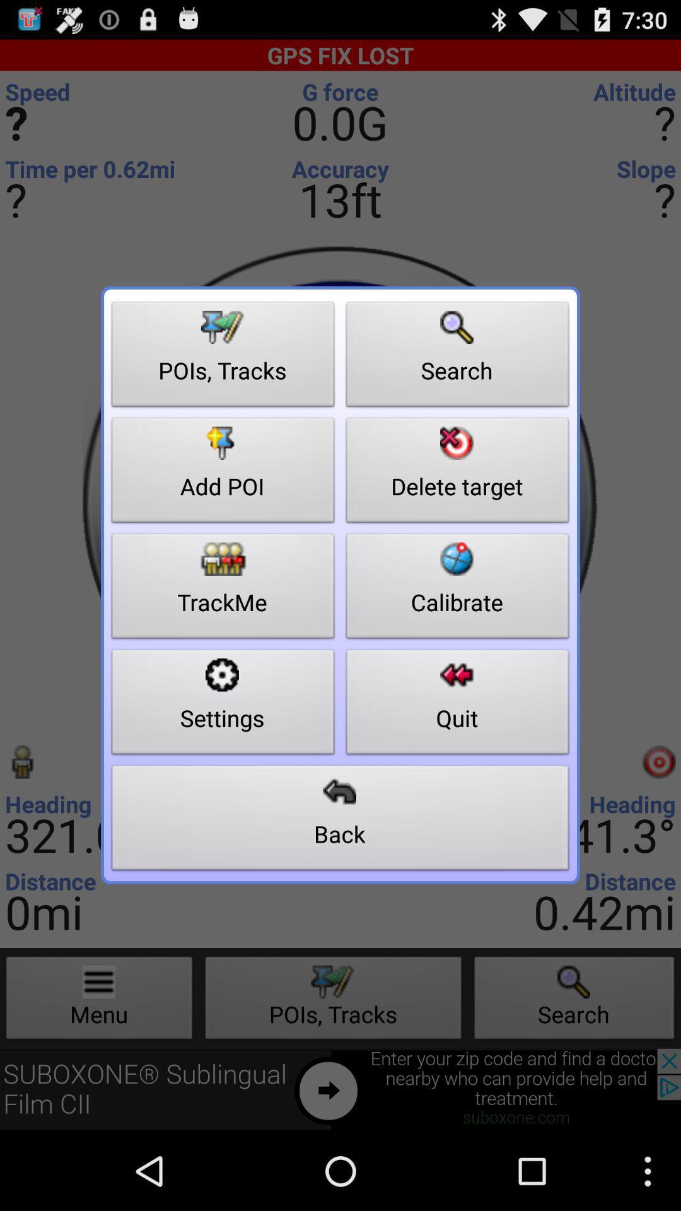  I want to click on the search button, so click(457, 357).